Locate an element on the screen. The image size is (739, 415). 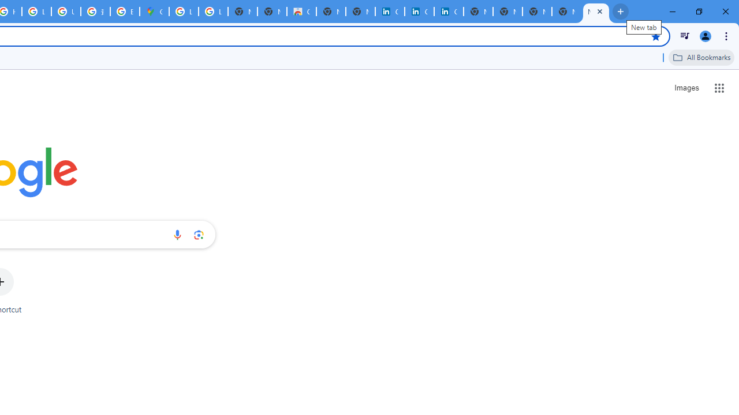
'Cookie Policy | LinkedIn' is located at coordinates (390, 12).